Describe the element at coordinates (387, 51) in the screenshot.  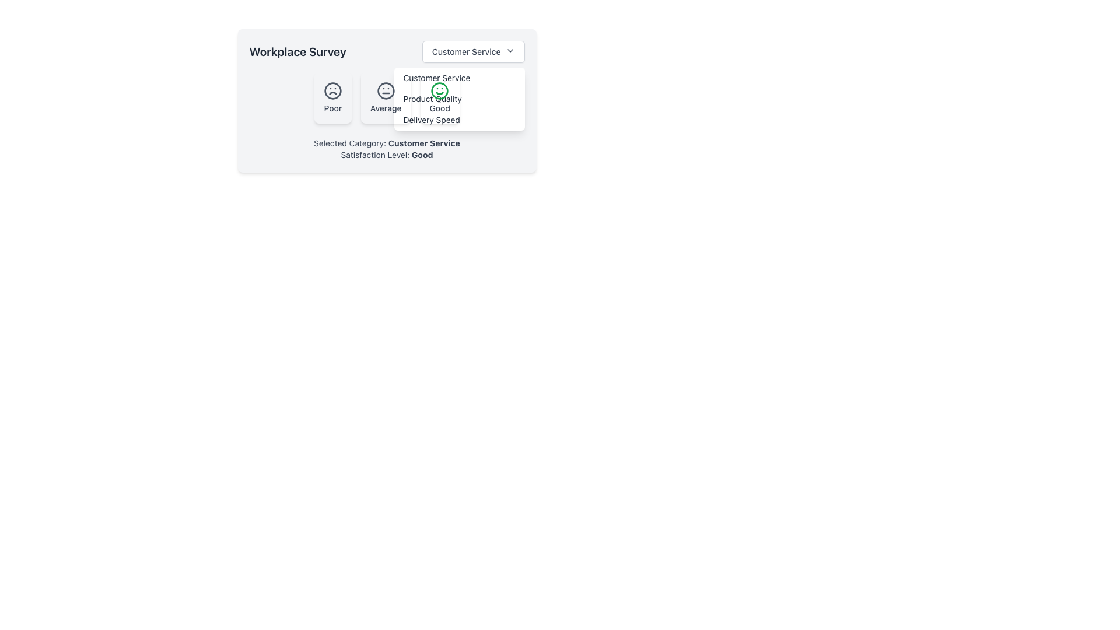
I see `an item from the dropdown menu labeled 'Customer Service' located on the right side of the 'Workplace Survey' header` at that location.